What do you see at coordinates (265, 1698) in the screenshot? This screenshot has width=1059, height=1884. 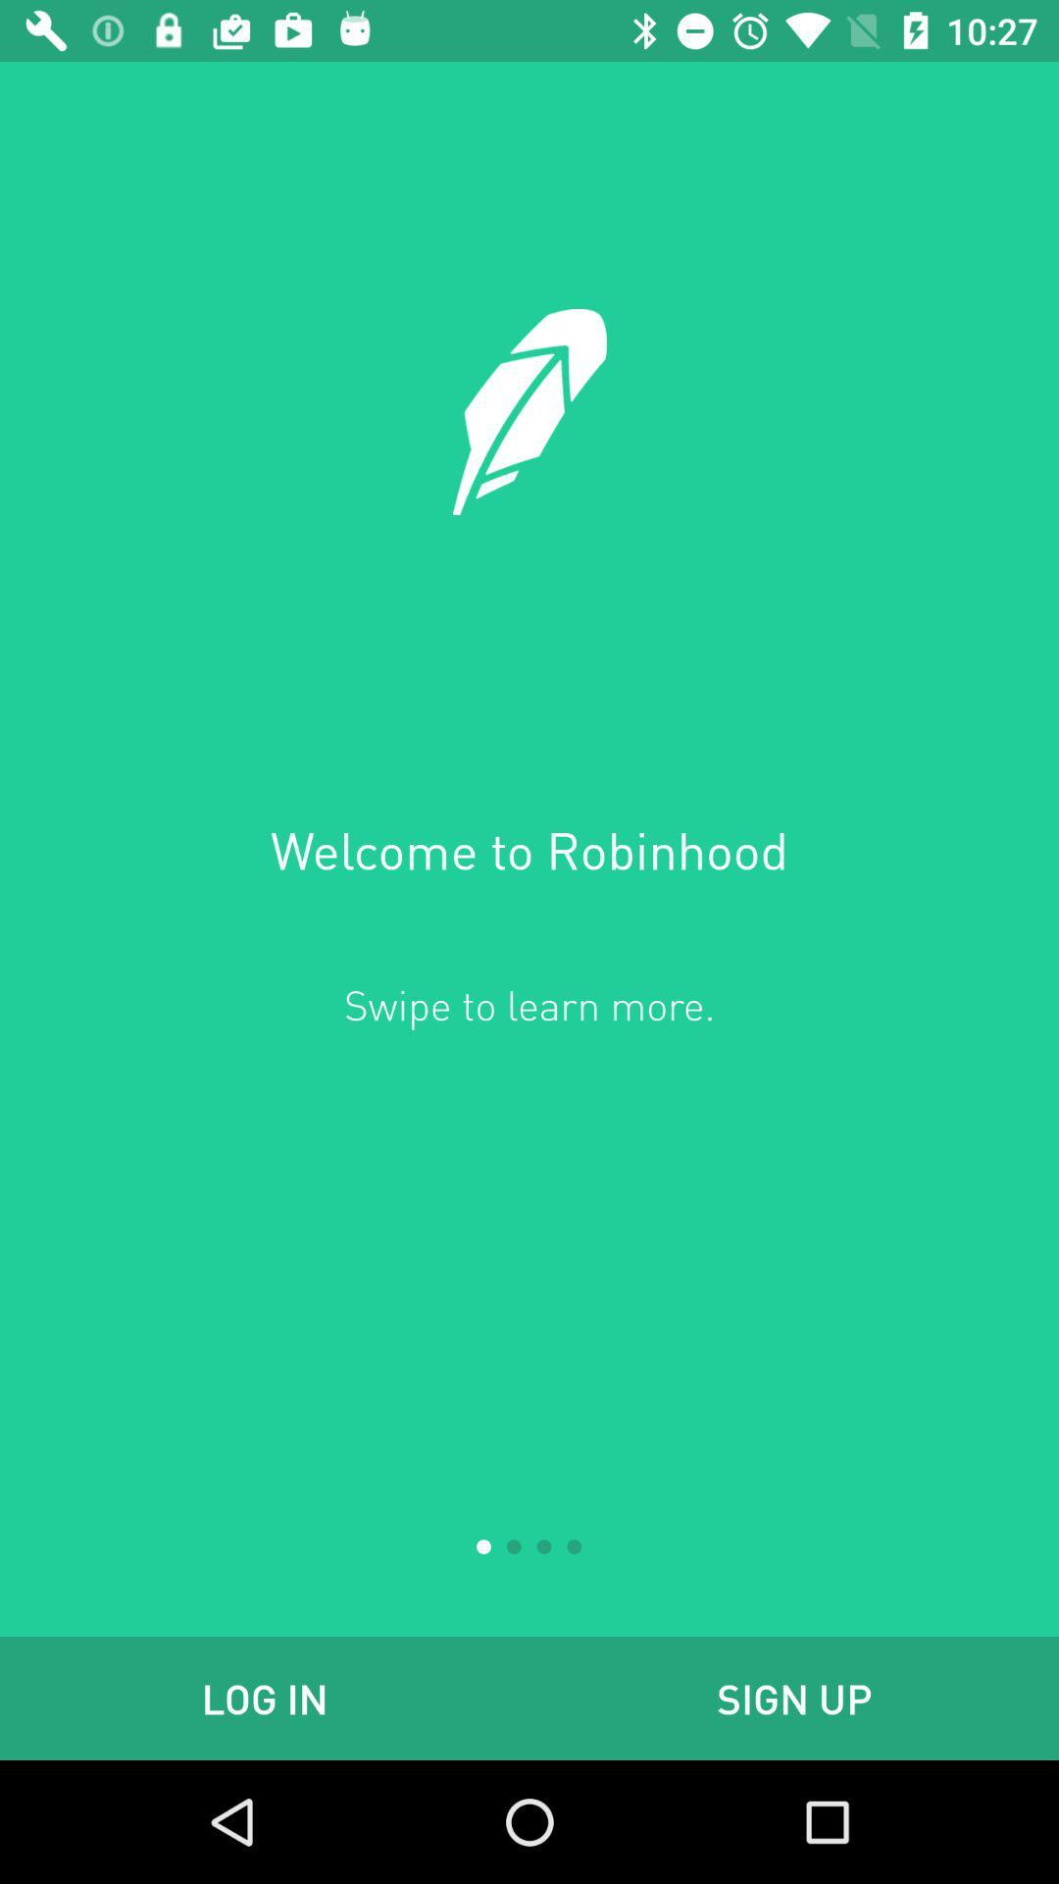 I see `the log in at the bottom left corner` at bounding box center [265, 1698].